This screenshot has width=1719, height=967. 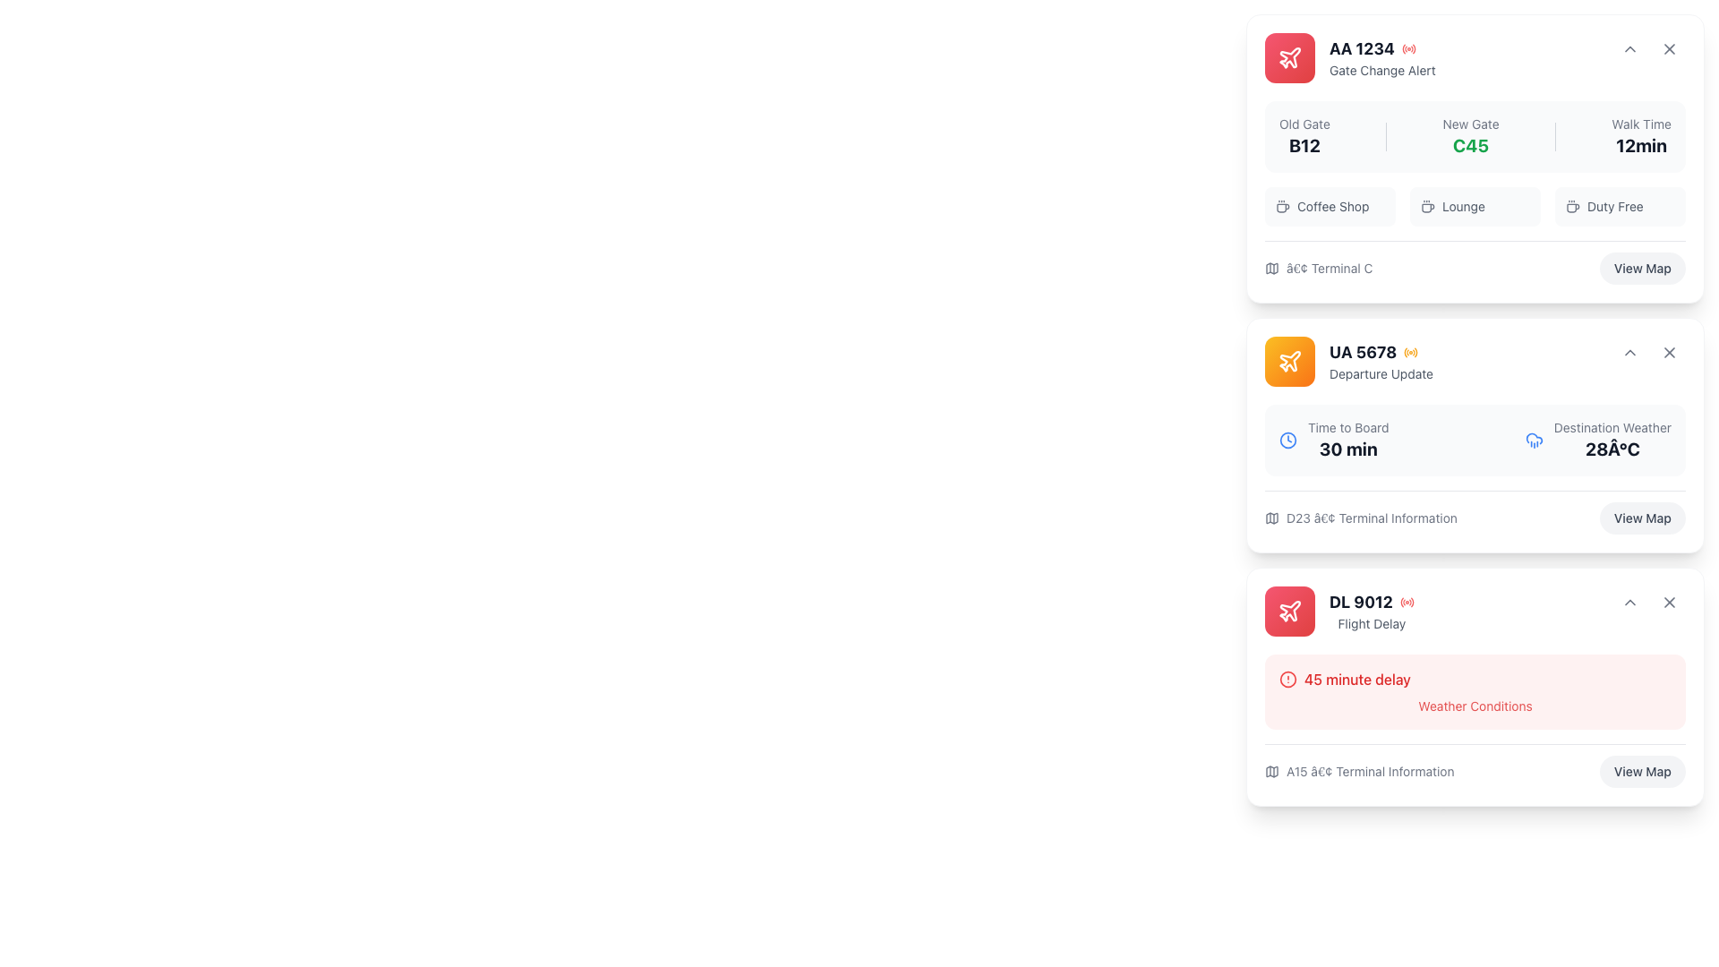 I want to click on the text element displaying 'A15 â€¢ Terminal Information', which is styled in gray and located to the right of a map icon in the lower section of the third information card, so click(x=1369, y=770).